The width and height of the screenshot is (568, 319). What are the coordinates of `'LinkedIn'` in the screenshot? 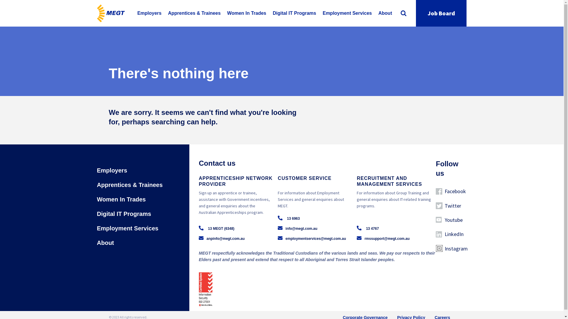 It's located at (436, 234).